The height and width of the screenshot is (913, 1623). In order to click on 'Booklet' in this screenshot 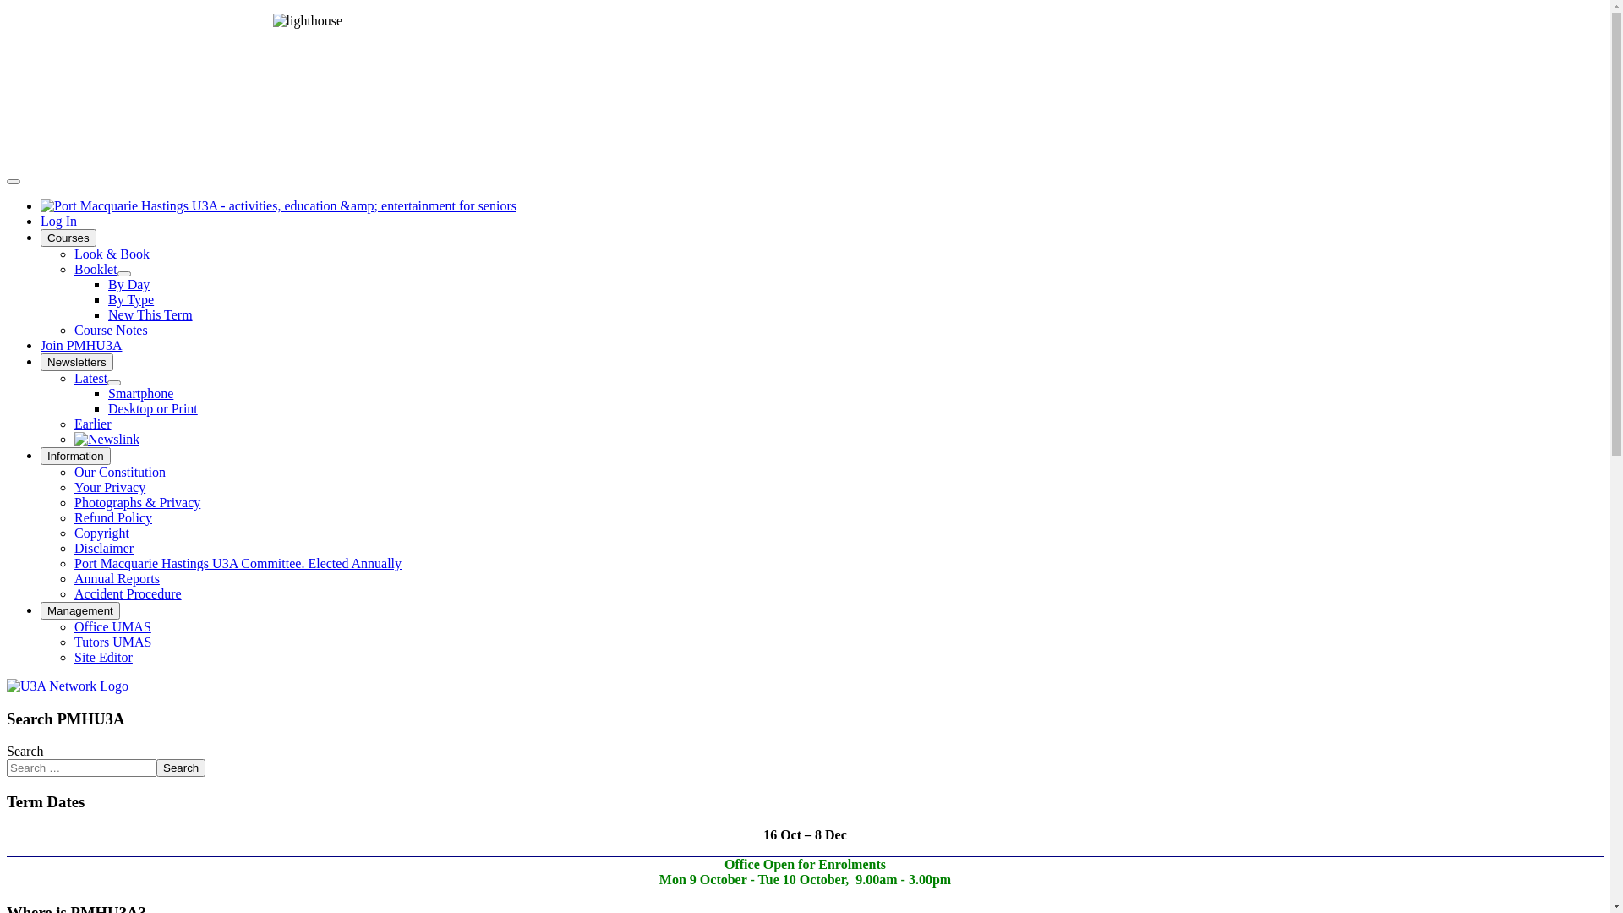, I will do `click(73, 268)`.